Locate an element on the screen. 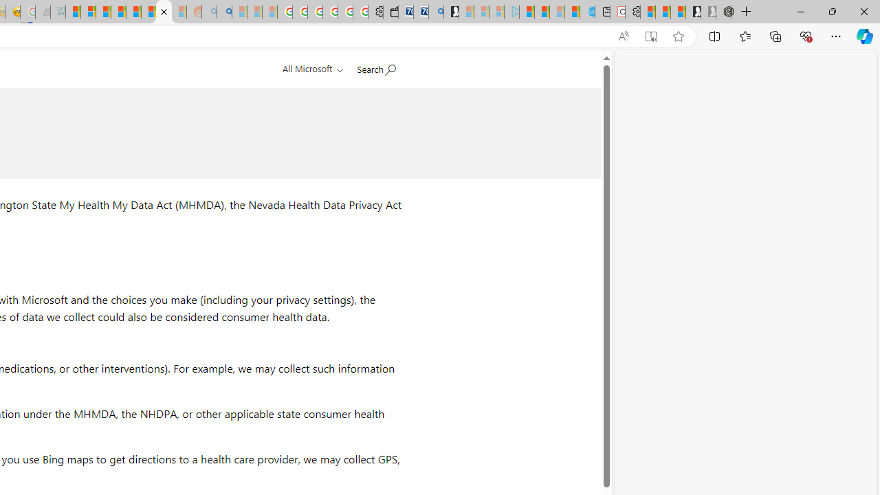 The height and width of the screenshot is (495, 880). 'Wallet' is located at coordinates (390, 12).